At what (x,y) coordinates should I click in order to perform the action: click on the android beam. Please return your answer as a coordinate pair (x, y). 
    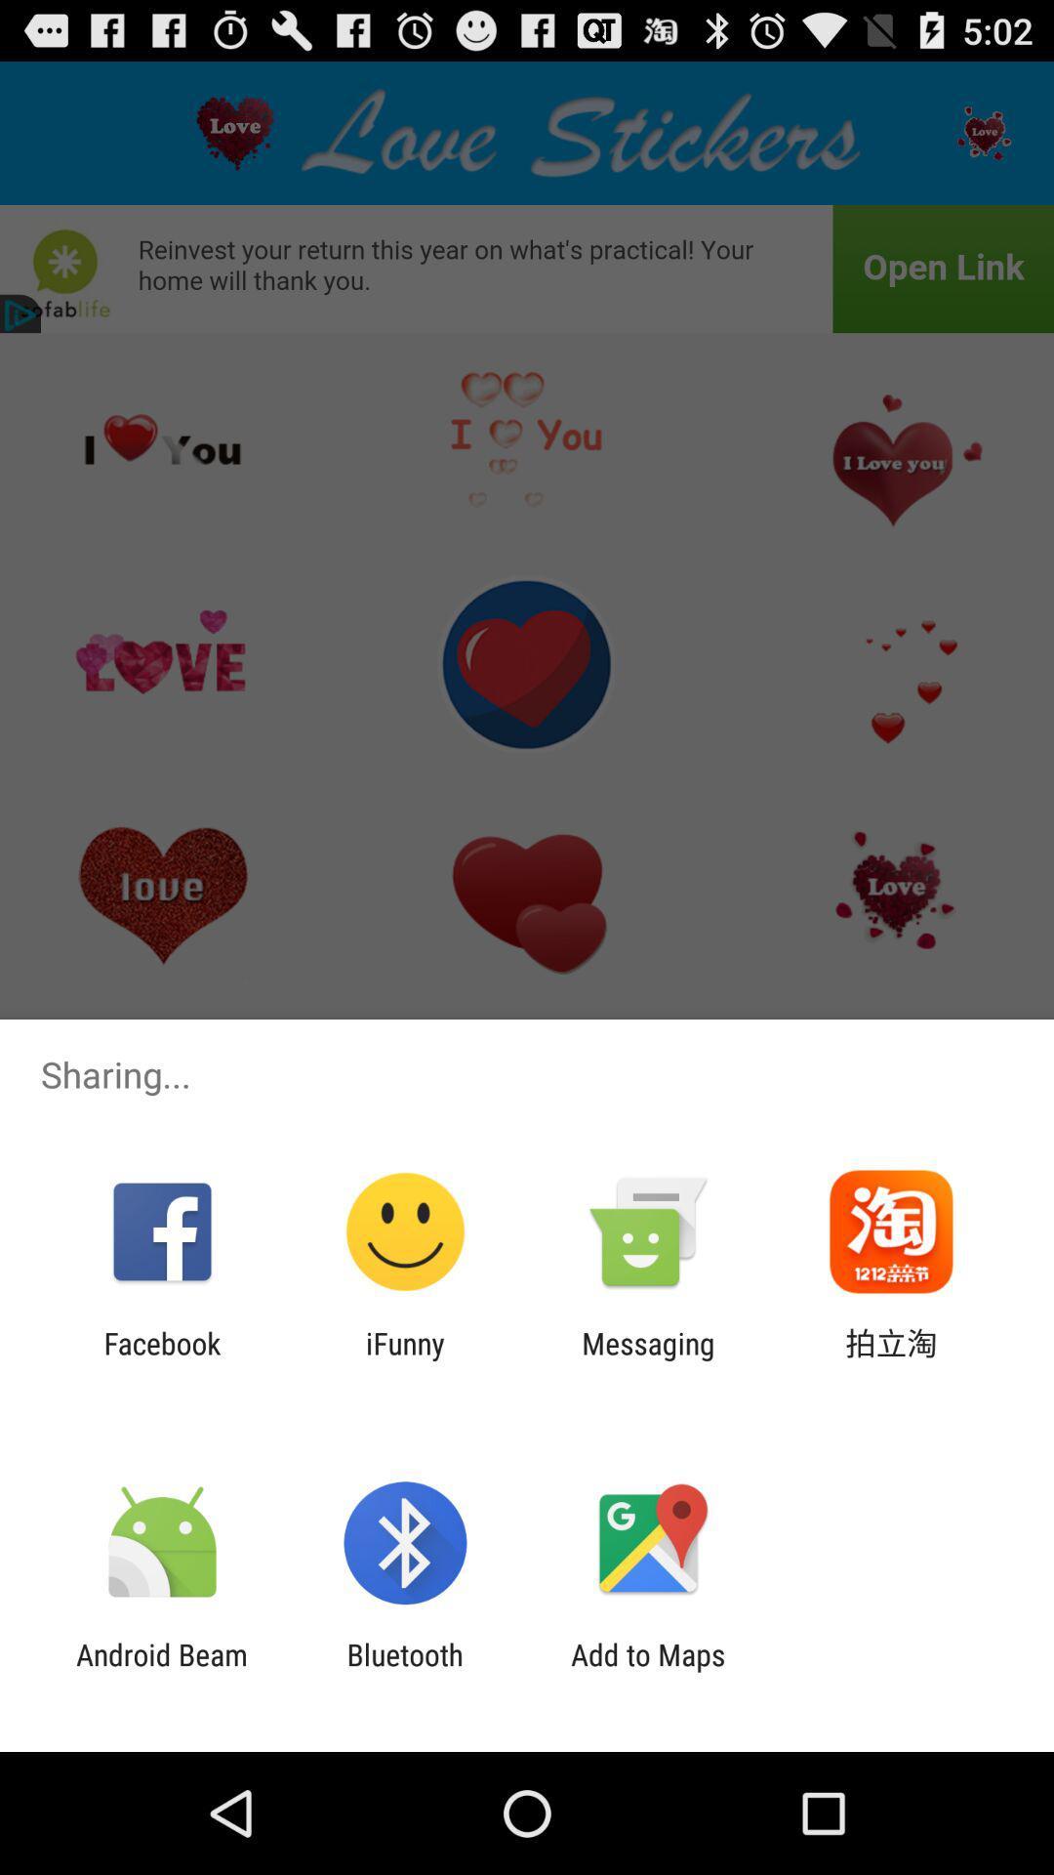
    Looking at the image, I should click on (161, 1671).